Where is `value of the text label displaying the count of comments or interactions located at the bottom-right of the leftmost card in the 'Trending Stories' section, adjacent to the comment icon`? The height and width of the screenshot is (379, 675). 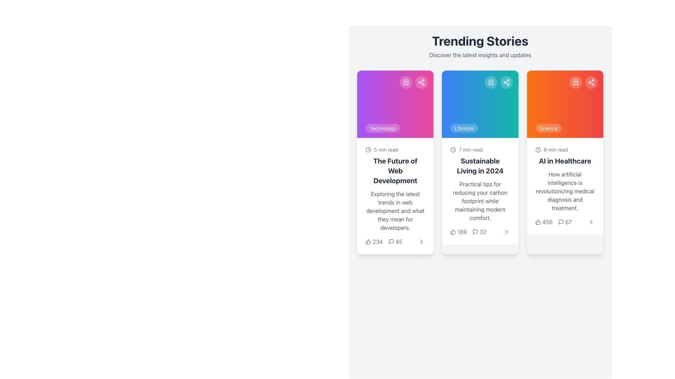
value of the text label displaying the count of comments or interactions located at the bottom-right of the leftmost card in the 'Trending Stories' section, adjacent to the comment icon is located at coordinates (399, 241).